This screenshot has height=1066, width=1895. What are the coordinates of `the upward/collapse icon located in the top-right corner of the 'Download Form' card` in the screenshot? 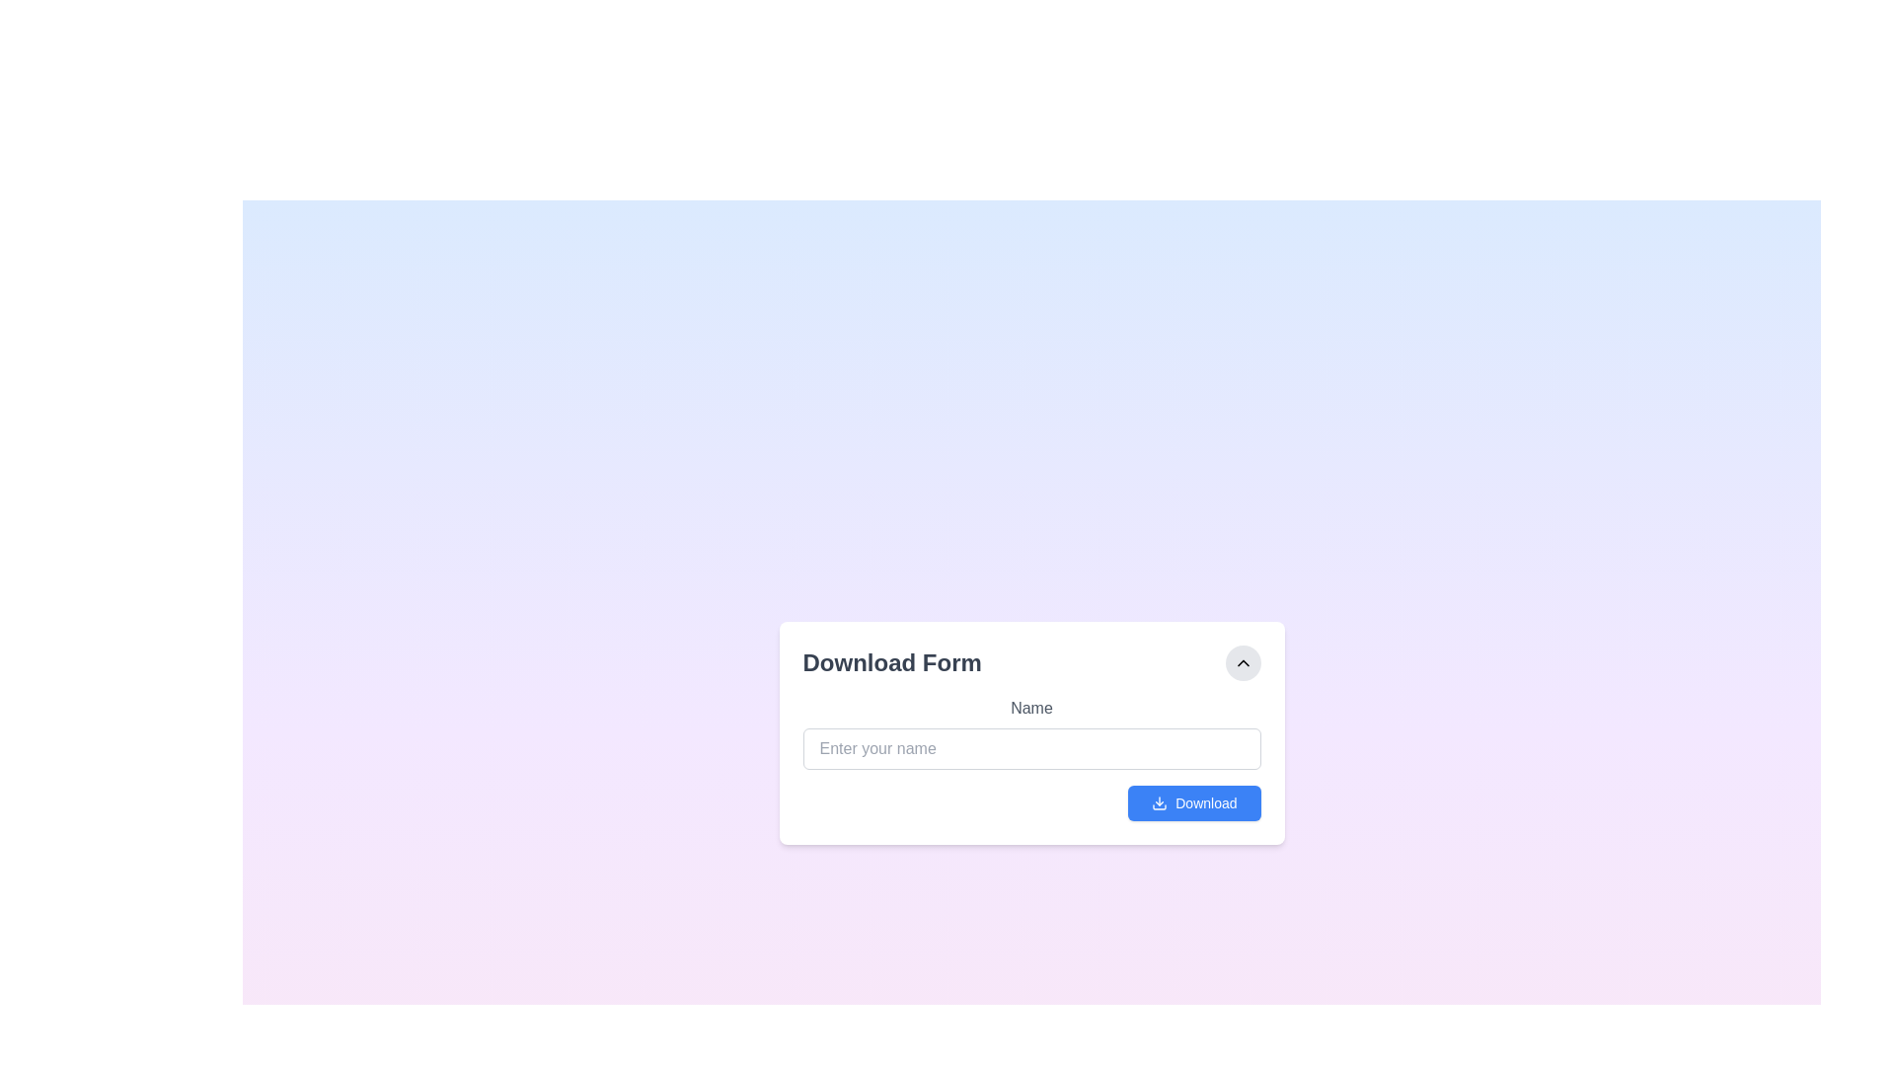 It's located at (1242, 662).